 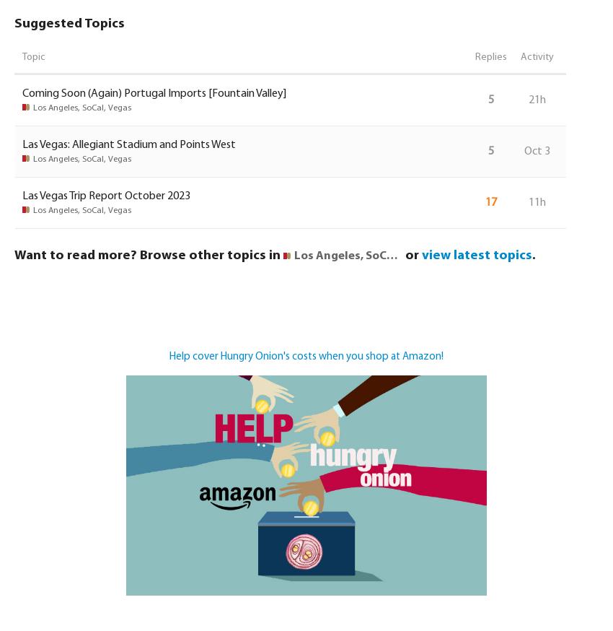 I want to click on 'Replies', so click(x=490, y=56).